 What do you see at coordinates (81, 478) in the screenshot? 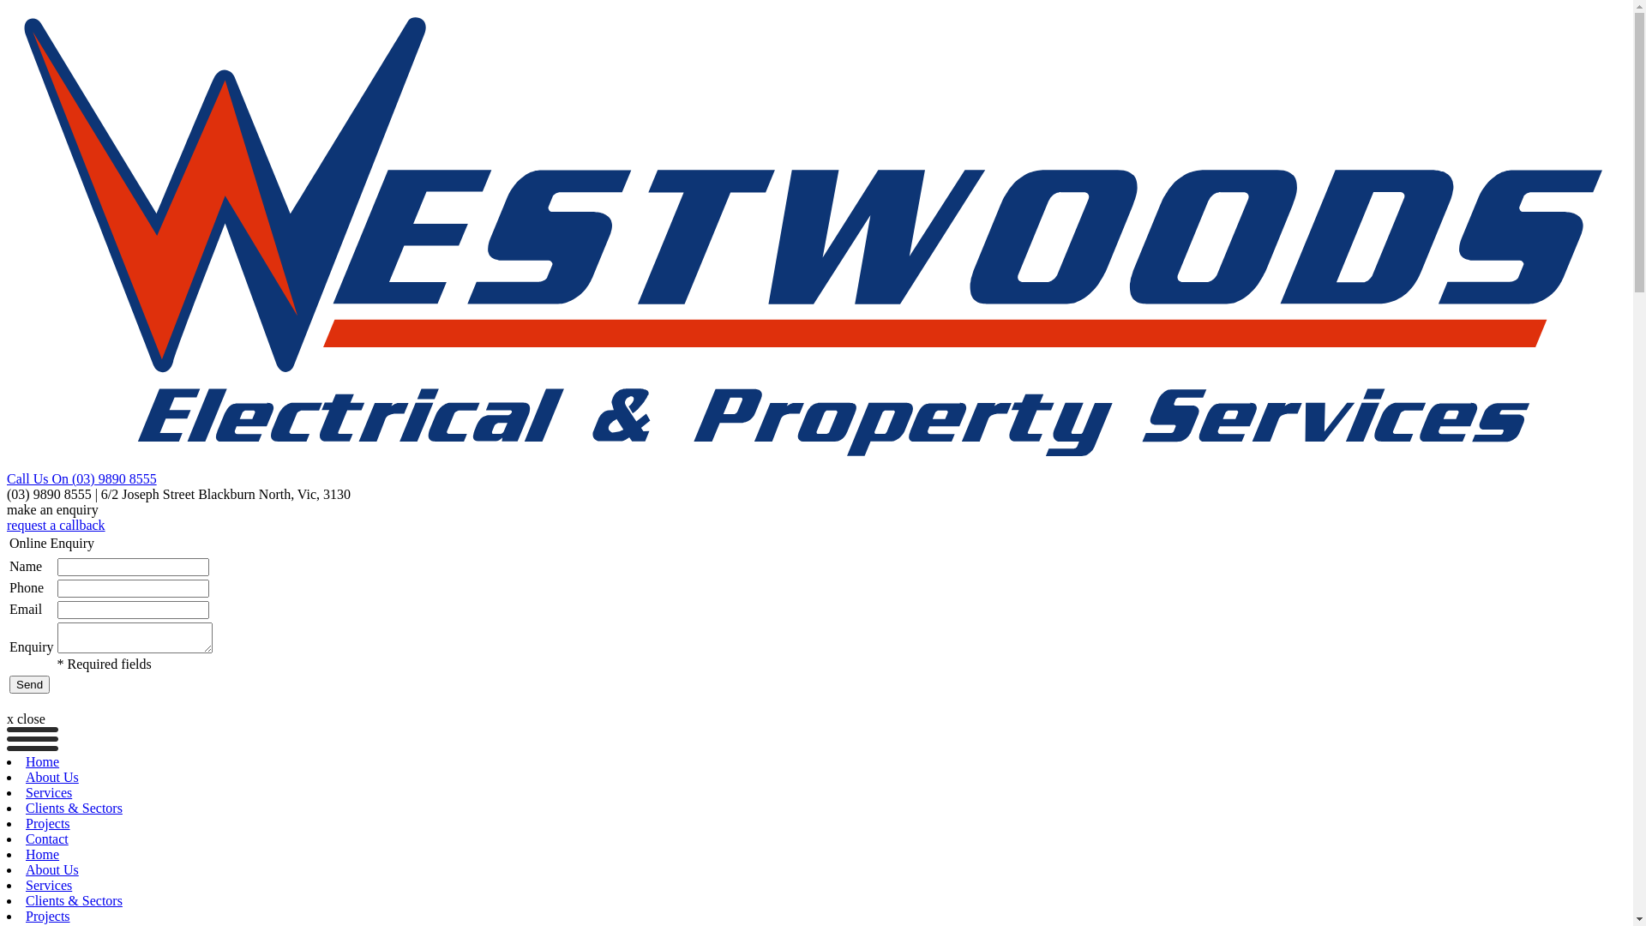
I see `'Call Us On (03) 9890 8555'` at bounding box center [81, 478].